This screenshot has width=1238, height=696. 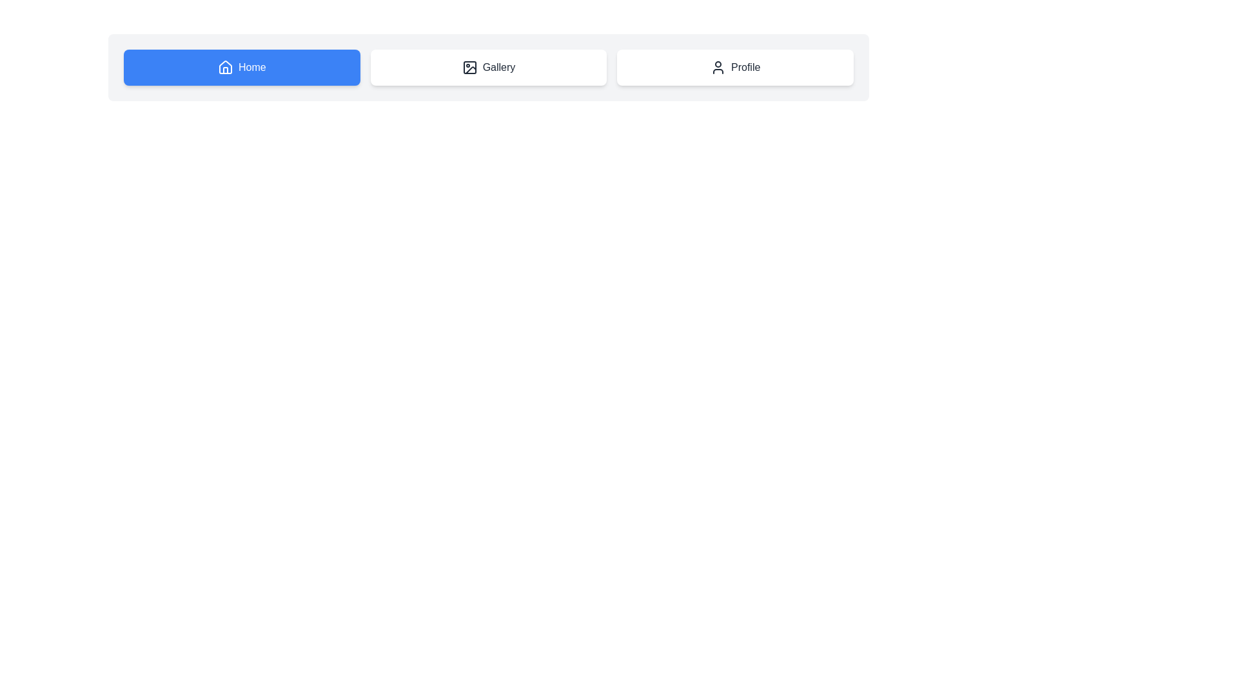 I want to click on the 'Gallery' button to navigate to the Gallery section, so click(x=488, y=67).